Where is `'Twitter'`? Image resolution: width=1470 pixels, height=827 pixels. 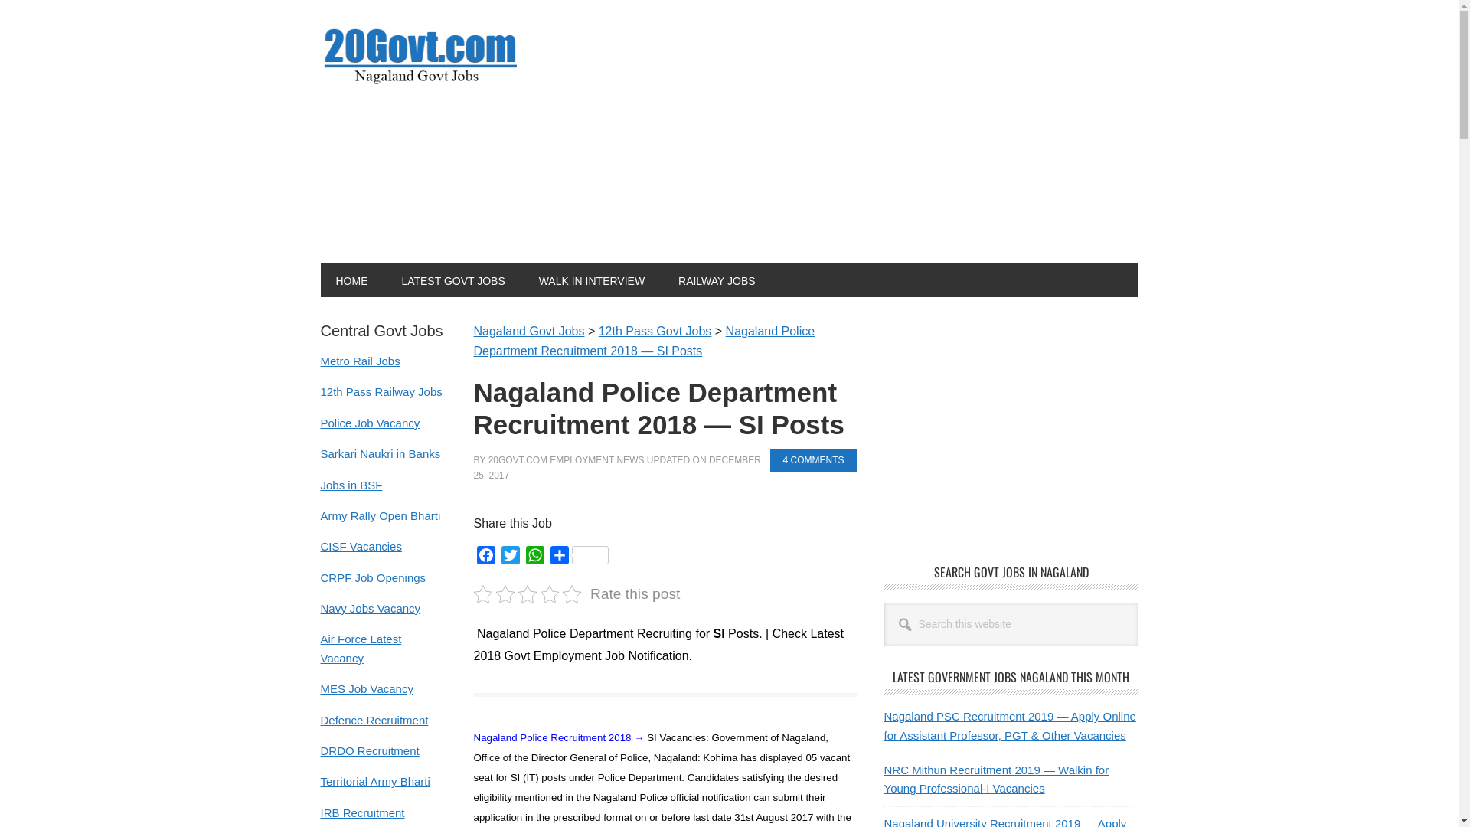 'Twitter' is located at coordinates (510, 557).